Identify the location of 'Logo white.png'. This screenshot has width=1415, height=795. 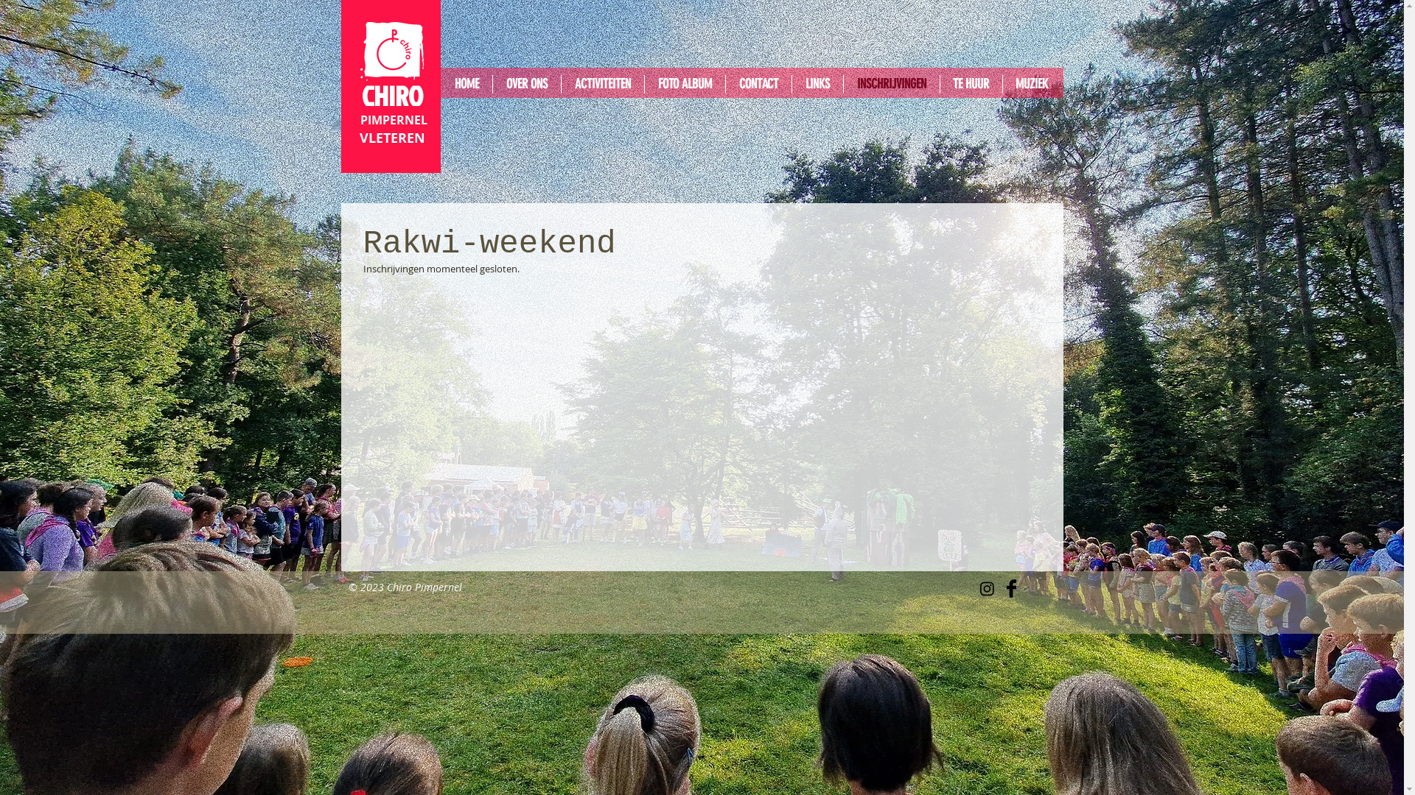
(391, 50).